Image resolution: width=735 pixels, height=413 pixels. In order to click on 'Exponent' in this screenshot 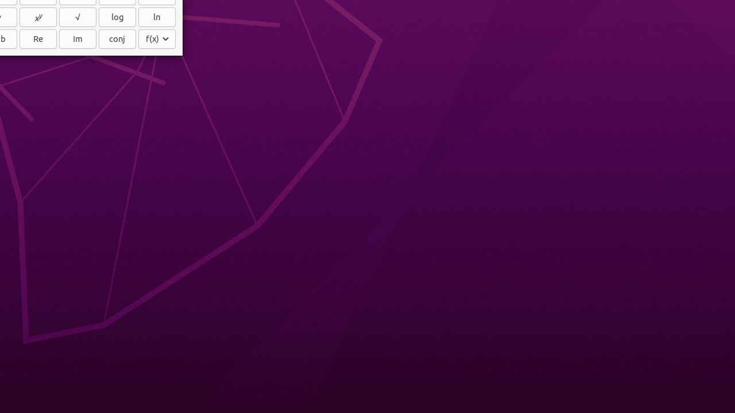, I will do `click(38, 17)`.